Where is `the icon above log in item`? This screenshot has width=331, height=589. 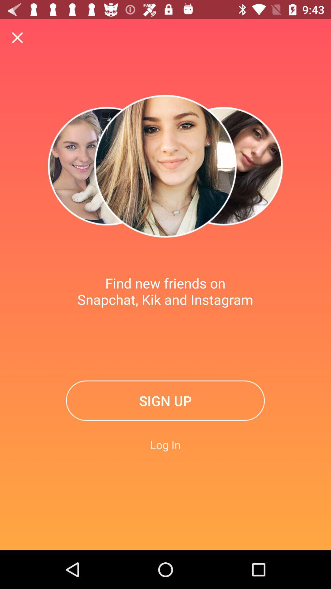
the icon above log in item is located at coordinates (165, 401).